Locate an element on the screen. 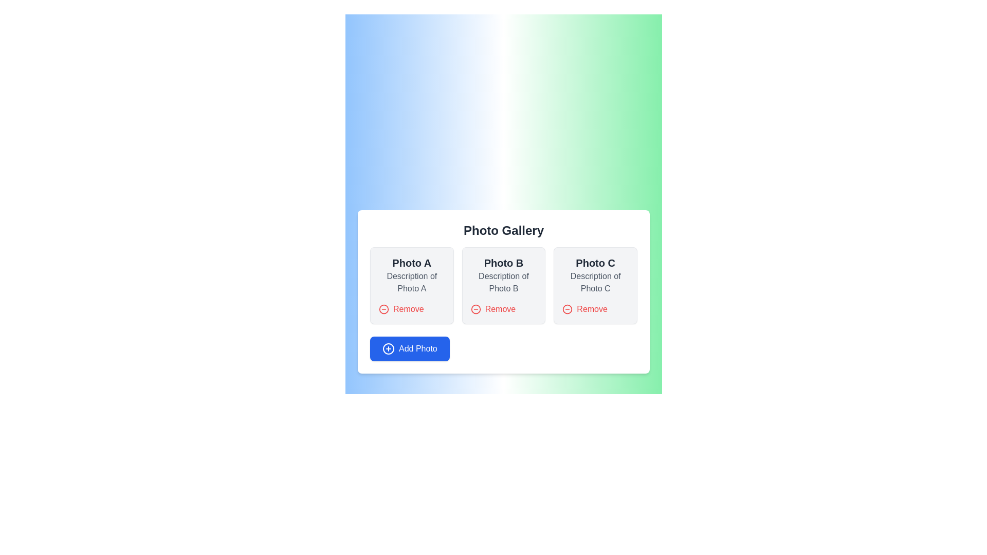  the remove icon button located above and to the left of the 'Remove' text label in the Photo B section of the gallery is located at coordinates (383, 308).